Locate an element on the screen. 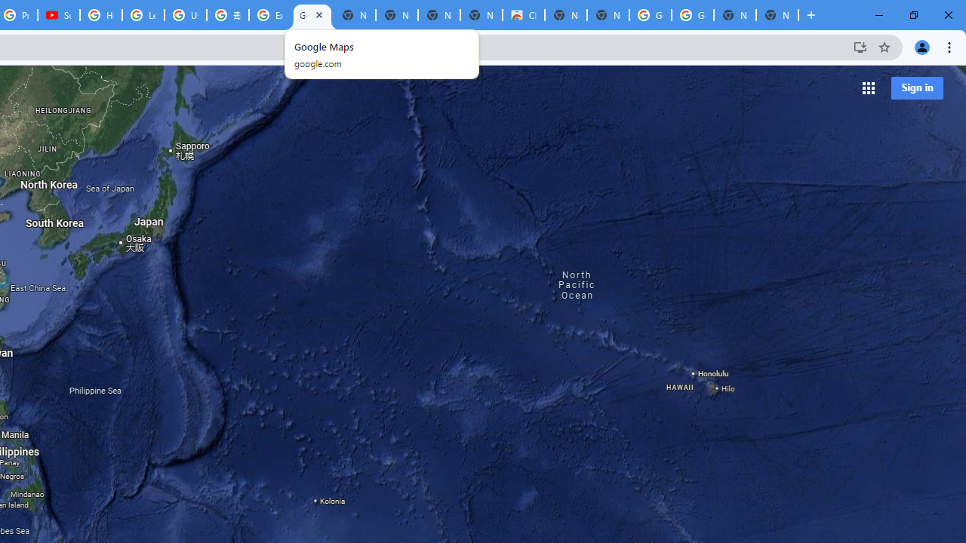 The height and width of the screenshot is (543, 966). 'Google Images' is located at coordinates (691, 15).